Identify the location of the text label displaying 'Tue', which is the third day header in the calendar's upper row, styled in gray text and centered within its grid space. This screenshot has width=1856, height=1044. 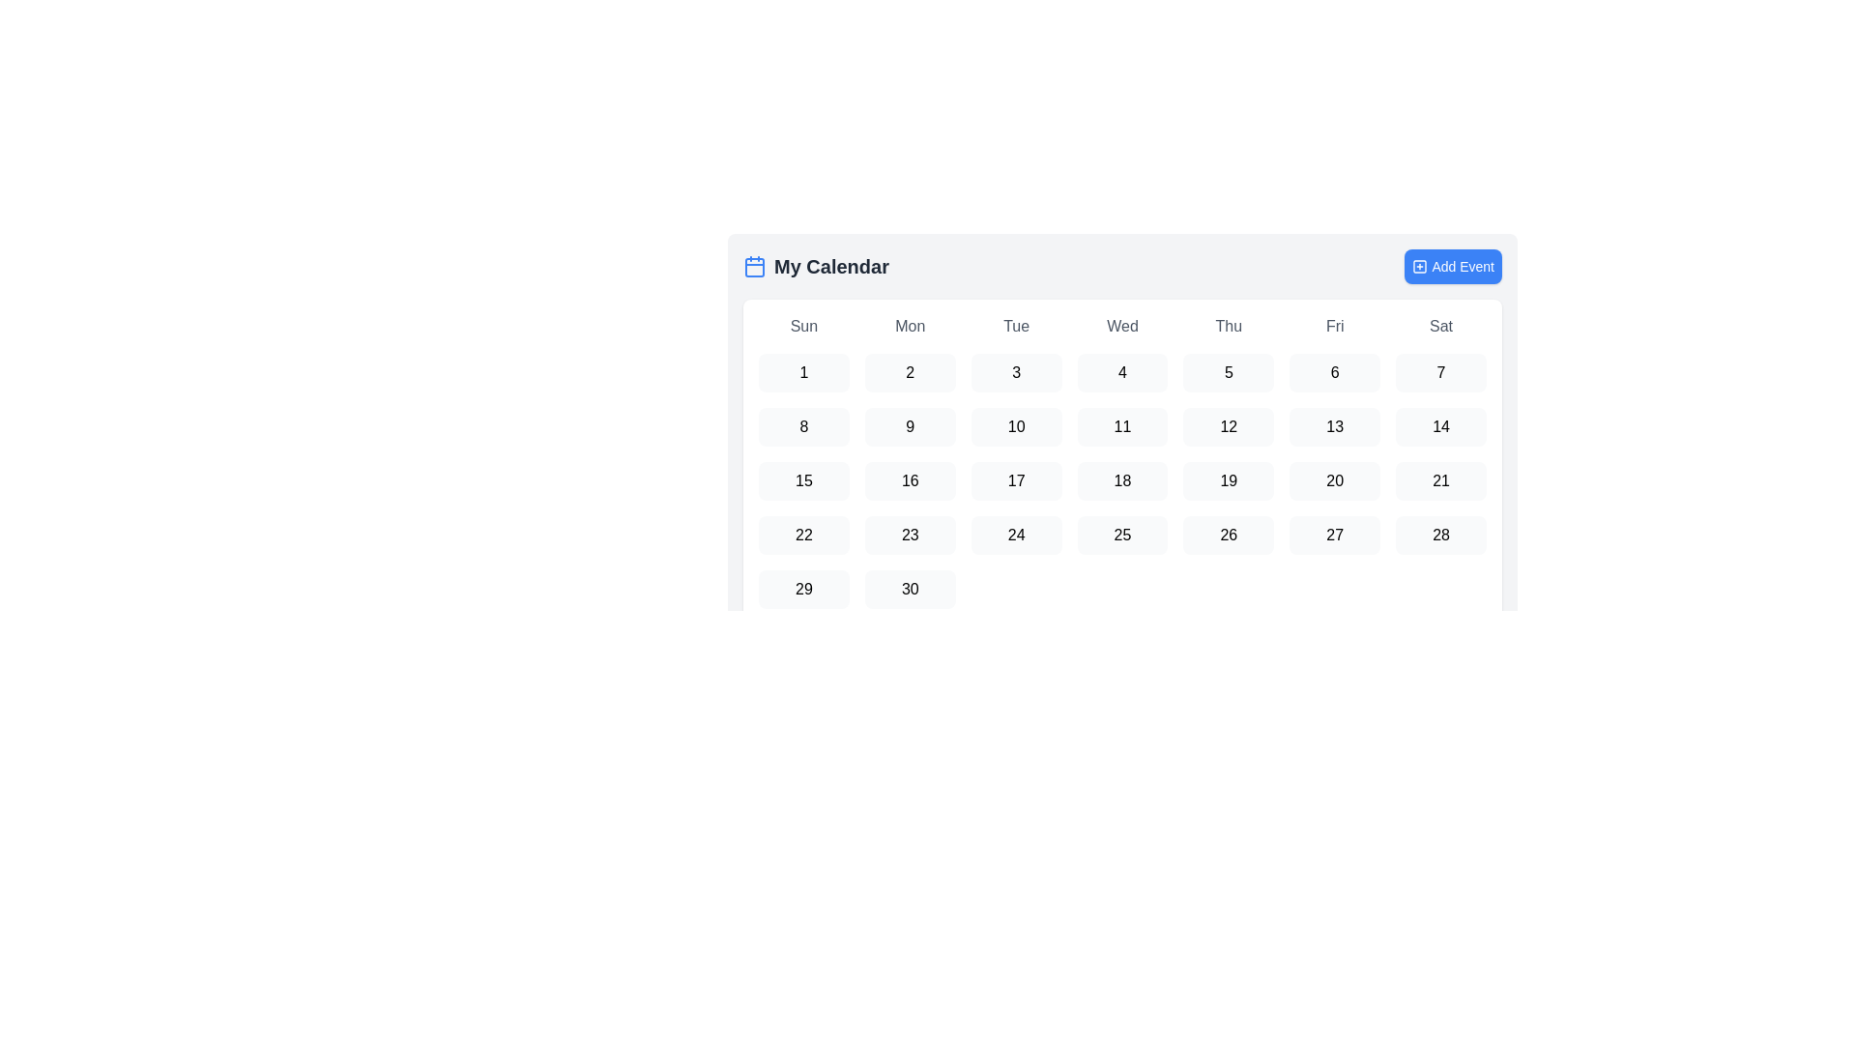
(1015, 326).